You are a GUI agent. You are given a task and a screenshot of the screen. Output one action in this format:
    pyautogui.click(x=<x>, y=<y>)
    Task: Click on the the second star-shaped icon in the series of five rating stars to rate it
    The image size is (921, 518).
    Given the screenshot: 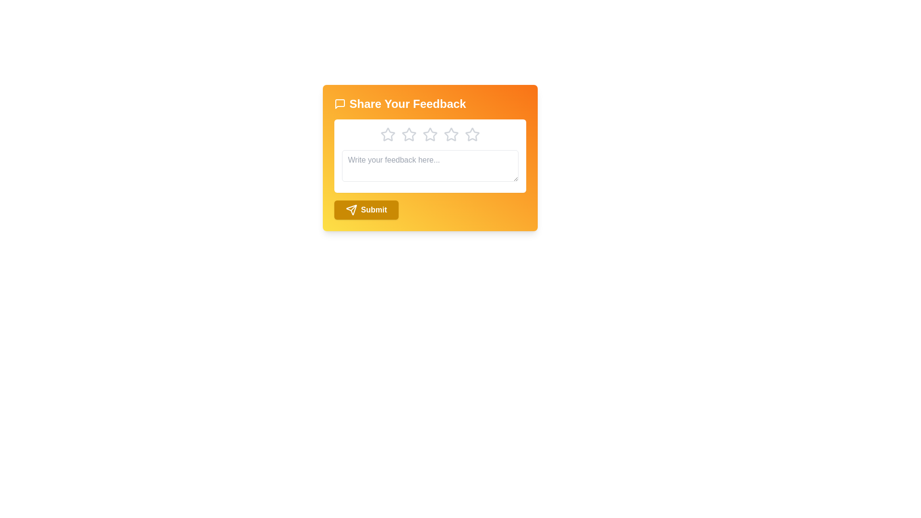 What is the action you would take?
    pyautogui.click(x=409, y=134)
    